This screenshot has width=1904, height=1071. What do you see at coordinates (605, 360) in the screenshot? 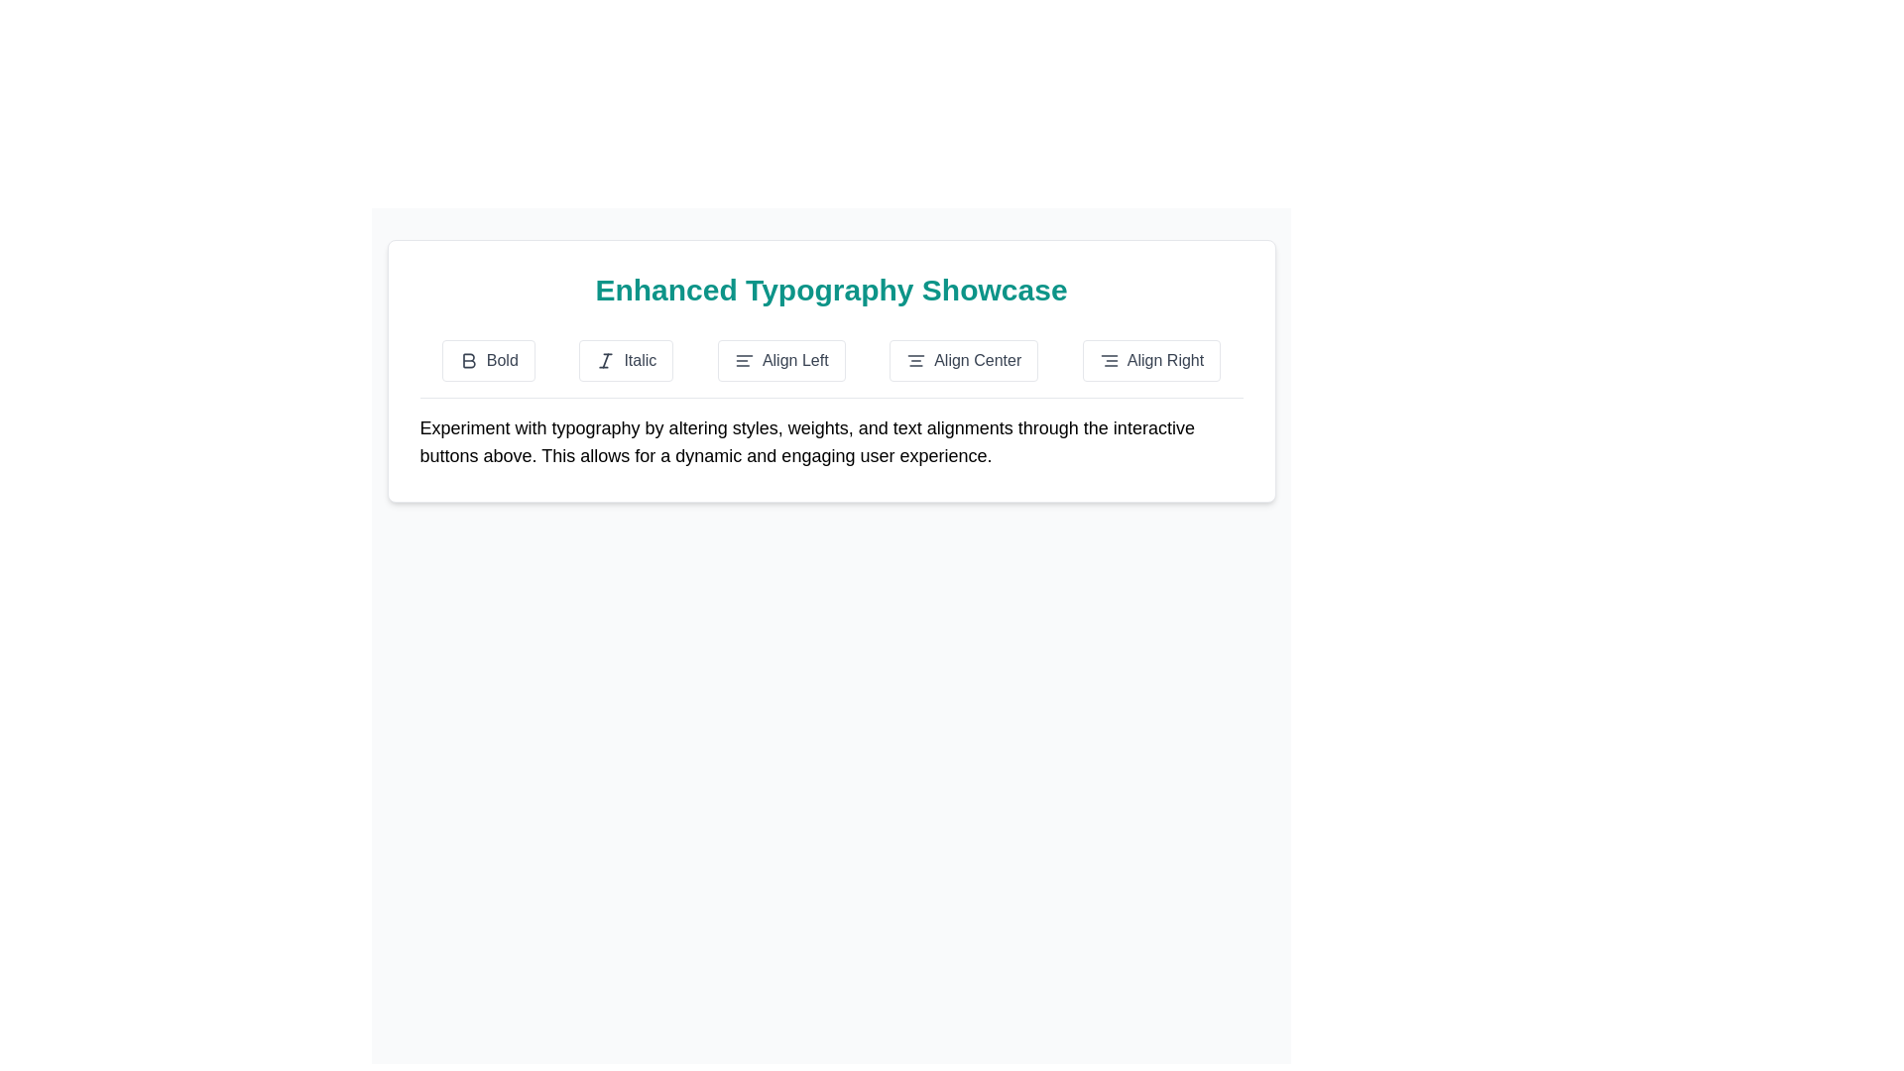
I see `central decorative line of the italic-style SVG icon located within the second button labeled 'Italic' under 'Enhanced Typography Showcase'` at bounding box center [605, 360].